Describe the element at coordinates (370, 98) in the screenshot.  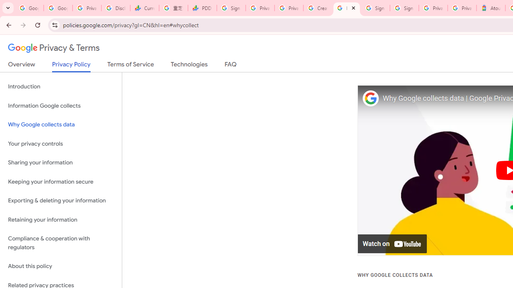
I see `'Photo image of Google'` at that location.